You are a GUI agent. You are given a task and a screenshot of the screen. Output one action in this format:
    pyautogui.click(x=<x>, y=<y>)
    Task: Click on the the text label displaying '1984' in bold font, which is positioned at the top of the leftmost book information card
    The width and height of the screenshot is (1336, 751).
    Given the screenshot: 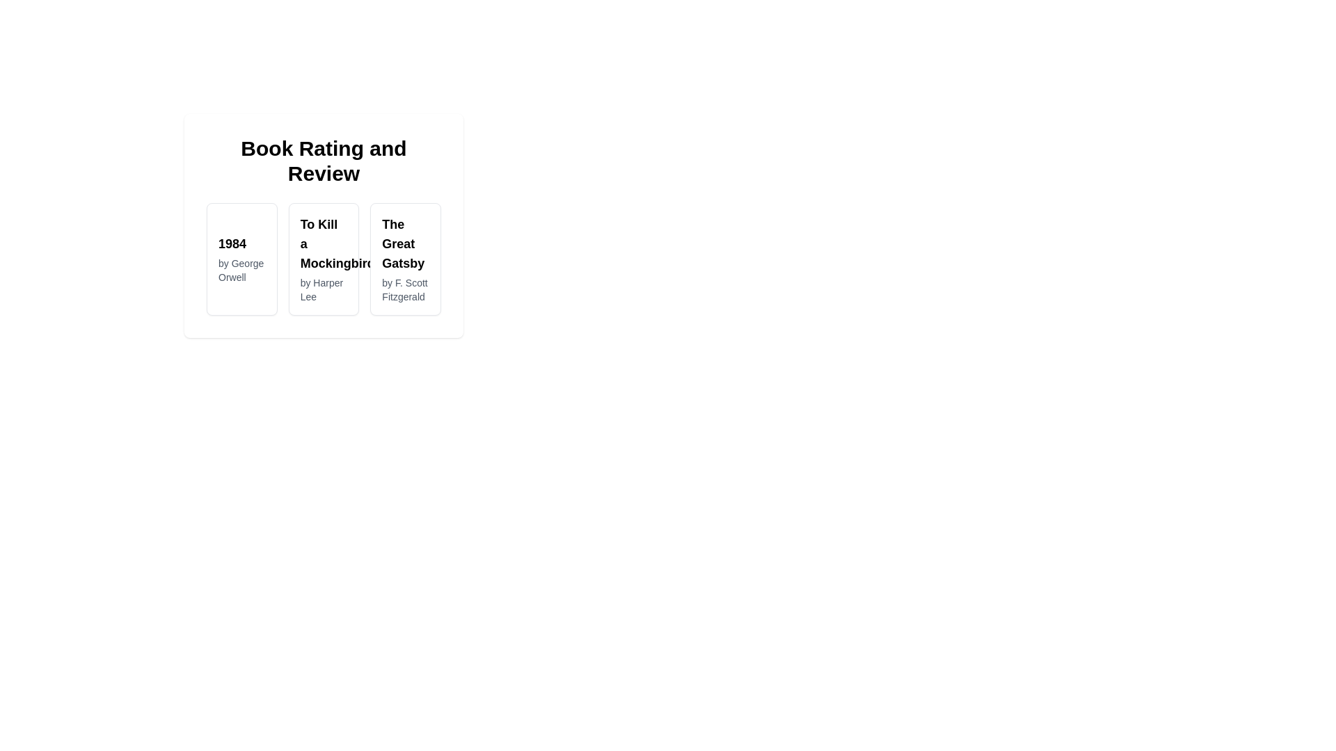 What is the action you would take?
    pyautogui.click(x=241, y=243)
    